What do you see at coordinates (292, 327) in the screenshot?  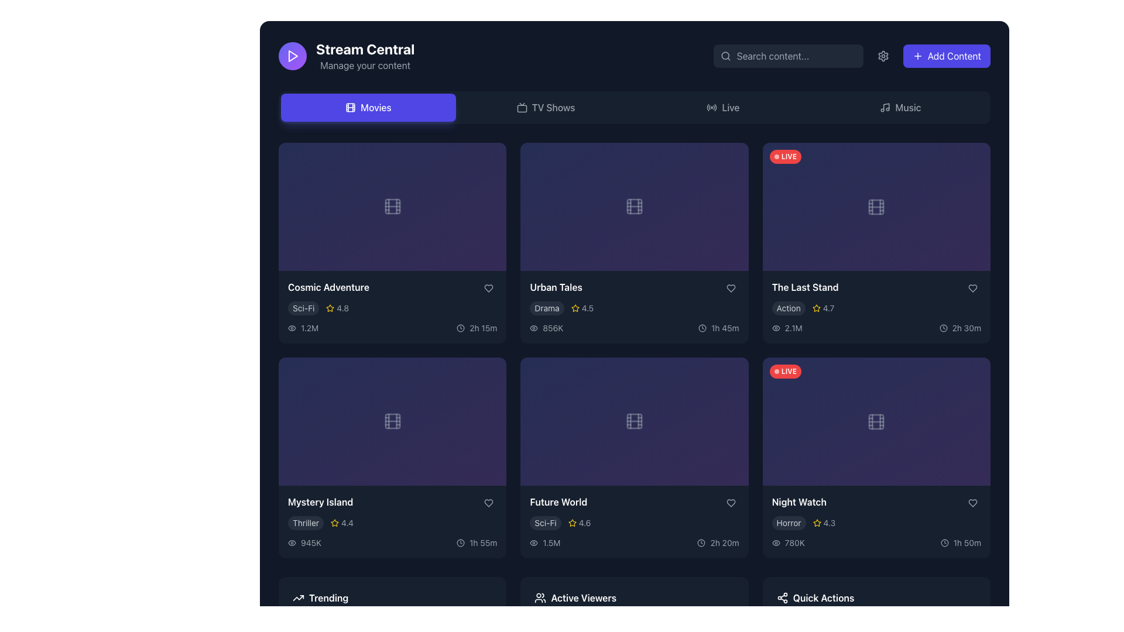 I see `the eye-shaped icon with a circular pupil located under the 'Cosmic Adventure' card, positioned in the first column of the grid layout, before the text '1.2M'` at bounding box center [292, 327].